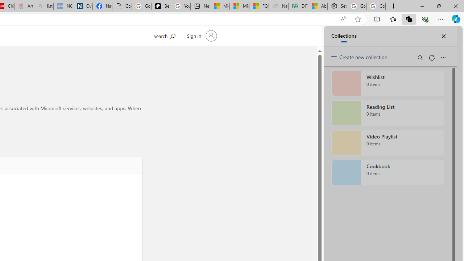 The height and width of the screenshot is (261, 464). What do you see at coordinates (24, 6) in the screenshot?
I see `'Arthritis: Ask Health Professionals - Sleeping'` at bounding box center [24, 6].